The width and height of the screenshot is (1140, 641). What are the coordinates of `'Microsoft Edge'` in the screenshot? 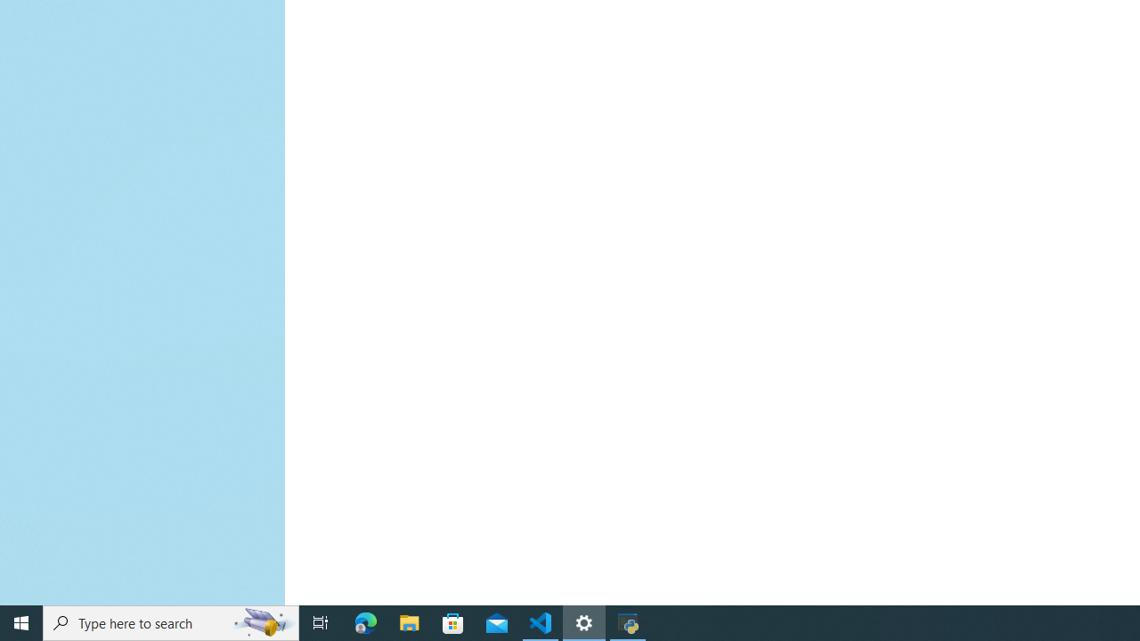 It's located at (365, 621).